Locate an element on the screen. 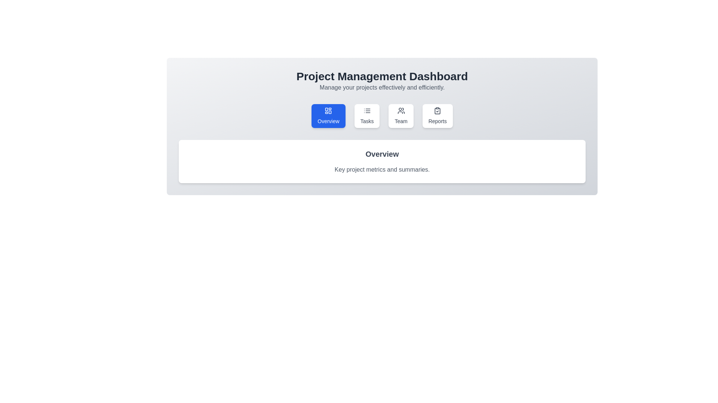  the tab labeled Overview to observe its hover effect is located at coordinates (328, 116).